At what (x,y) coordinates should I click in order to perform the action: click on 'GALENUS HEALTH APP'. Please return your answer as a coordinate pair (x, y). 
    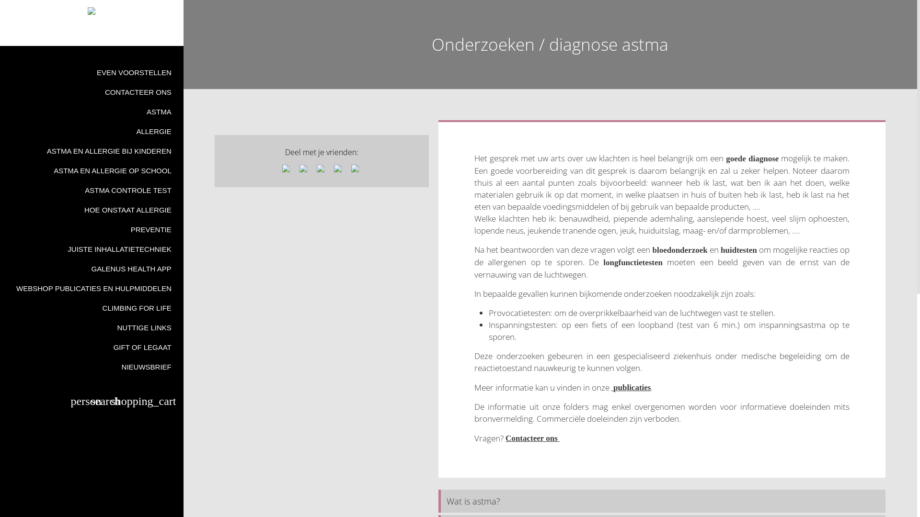
    Looking at the image, I should click on (92, 269).